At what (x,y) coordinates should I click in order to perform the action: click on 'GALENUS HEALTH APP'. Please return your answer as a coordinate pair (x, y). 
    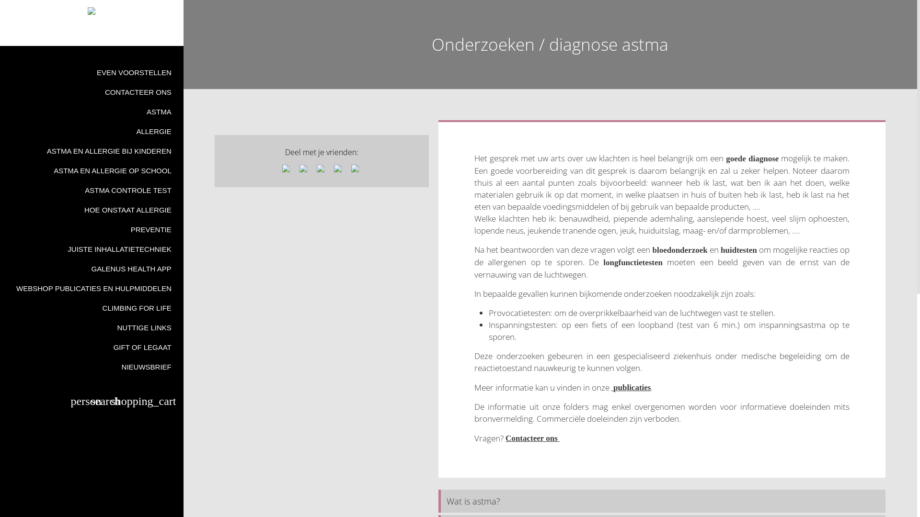
    Looking at the image, I should click on (92, 269).